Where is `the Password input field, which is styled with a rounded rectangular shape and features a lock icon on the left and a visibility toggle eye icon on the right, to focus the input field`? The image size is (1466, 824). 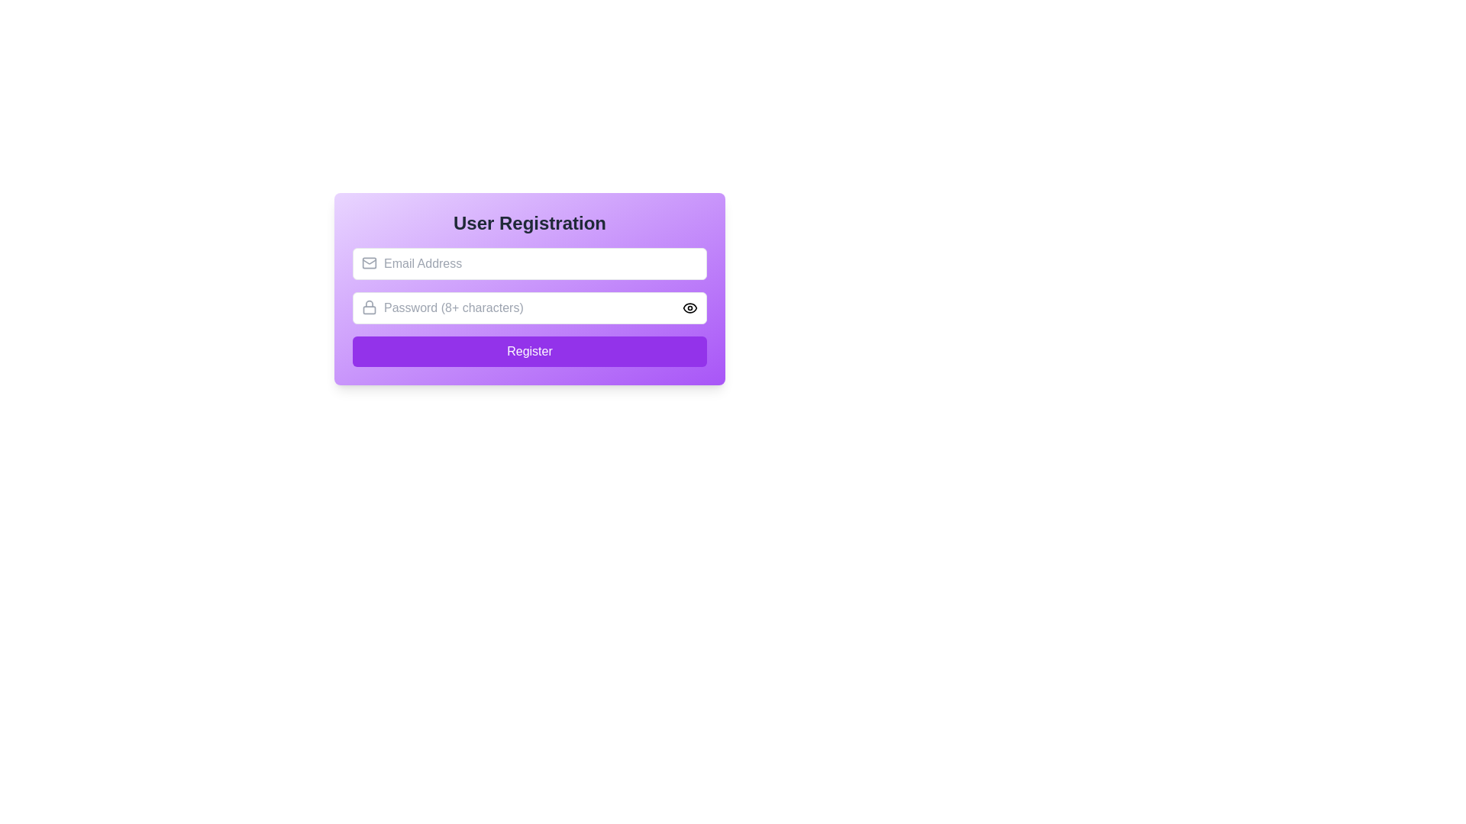 the Password input field, which is styled with a rounded rectangular shape and features a lock icon on the left and a visibility toggle eye icon on the right, to focus the input field is located at coordinates (530, 320).